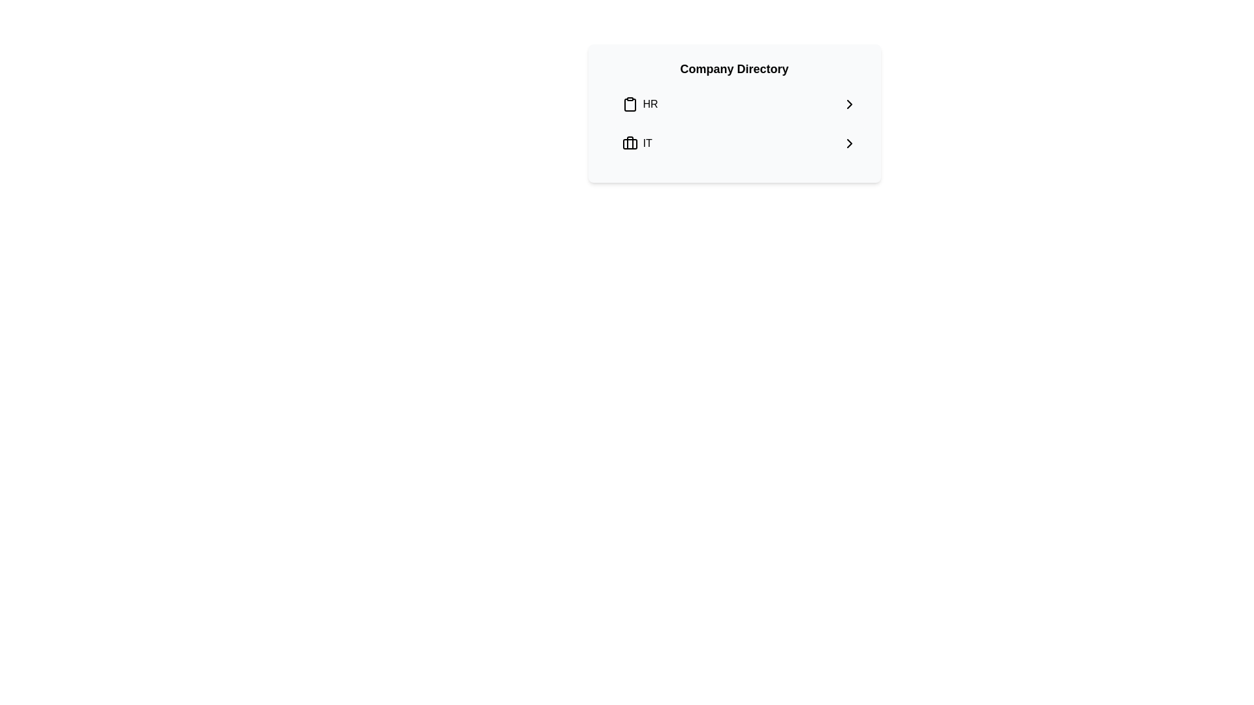  I want to click on the list item representing the 'IT' department in the 'Company Directory' panel, so click(637, 143).